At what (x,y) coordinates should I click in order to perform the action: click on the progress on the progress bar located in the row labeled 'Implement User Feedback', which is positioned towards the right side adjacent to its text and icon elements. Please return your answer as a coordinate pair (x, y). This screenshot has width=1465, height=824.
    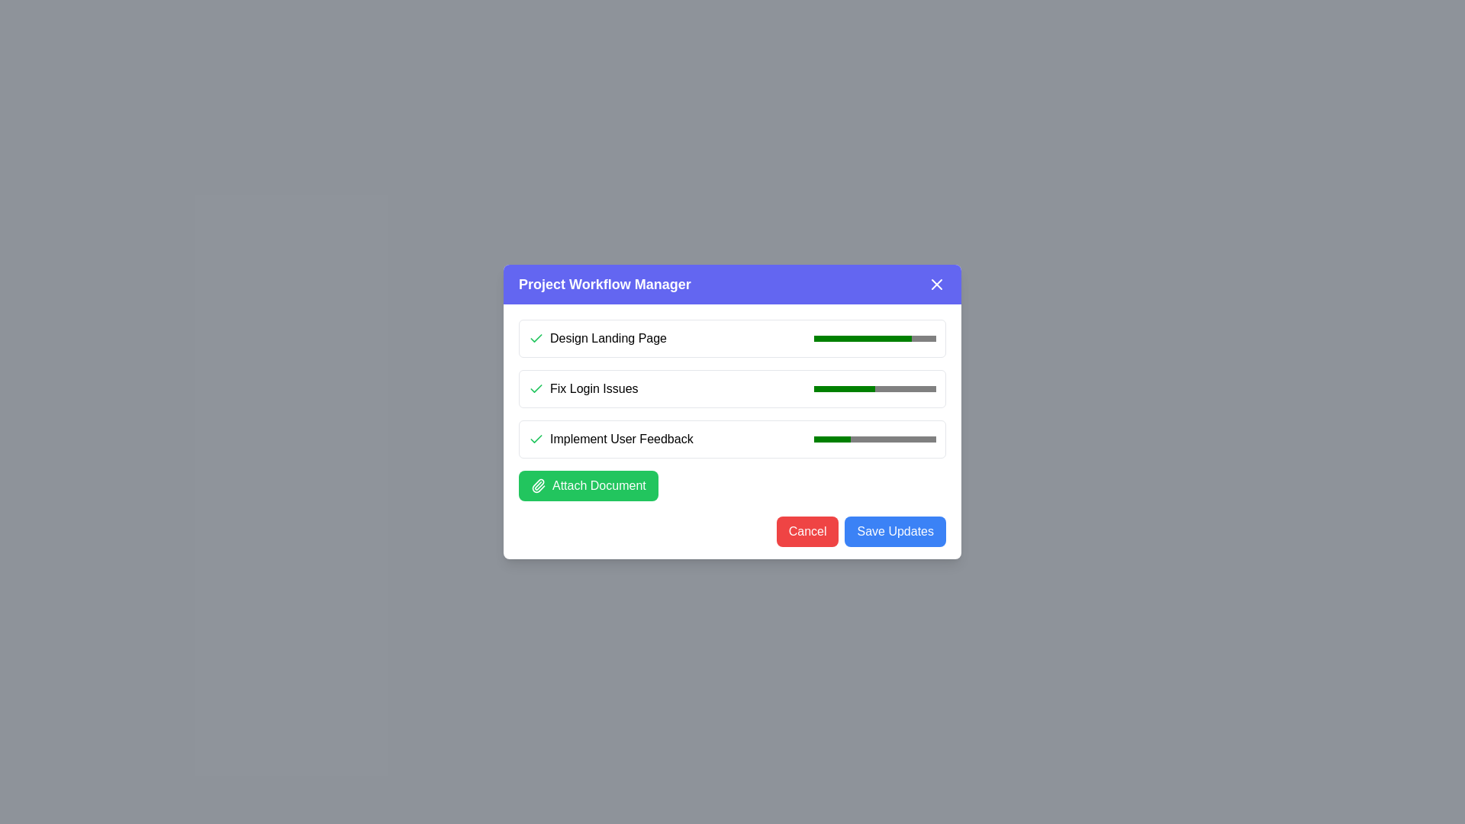
    Looking at the image, I should click on (875, 439).